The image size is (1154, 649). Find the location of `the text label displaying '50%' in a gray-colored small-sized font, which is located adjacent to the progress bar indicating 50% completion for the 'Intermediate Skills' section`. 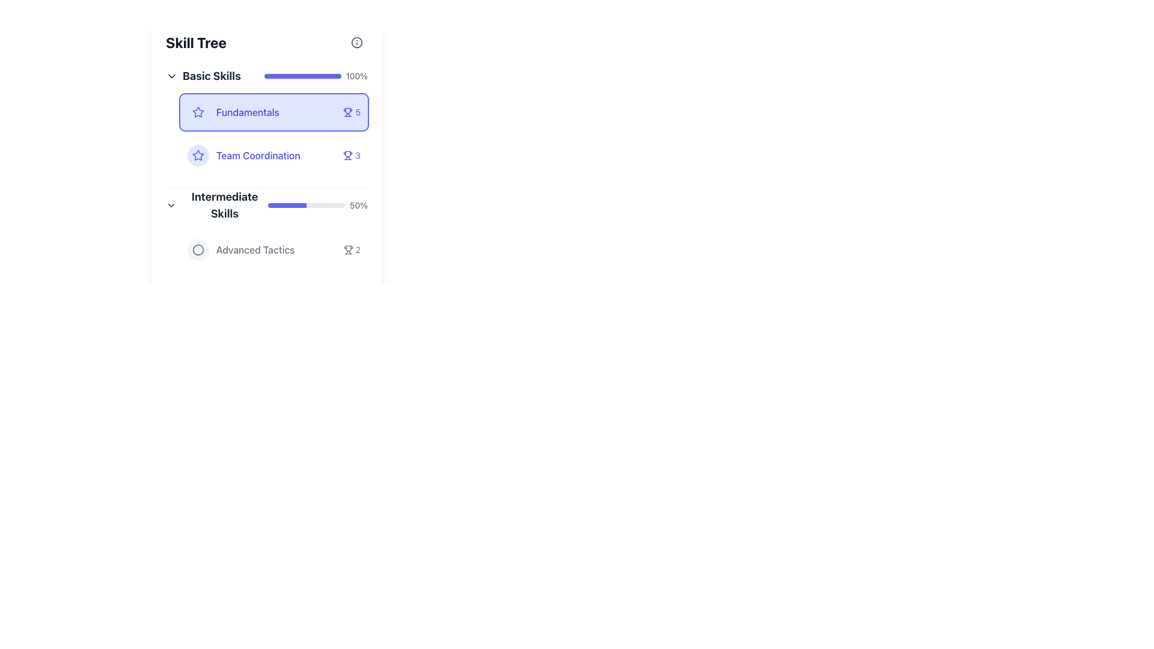

the text label displaying '50%' in a gray-colored small-sized font, which is located adjacent to the progress bar indicating 50% completion for the 'Intermediate Skills' section is located at coordinates (358, 205).